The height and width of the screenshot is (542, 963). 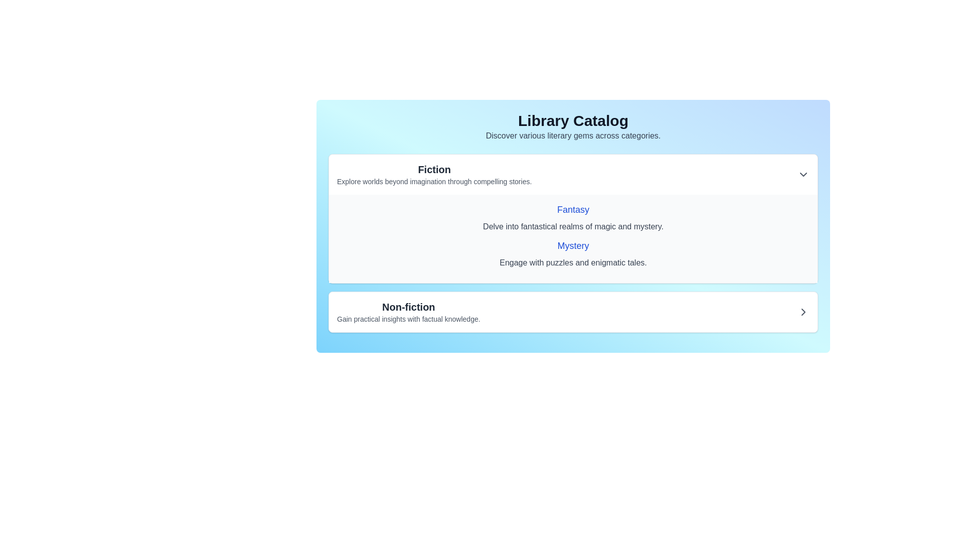 What do you see at coordinates (434, 169) in the screenshot?
I see `the 'Fiction' section header text label located at the top-middle of the interface, which serves as a category header for the library catalog` at bounding box center [434, 169].